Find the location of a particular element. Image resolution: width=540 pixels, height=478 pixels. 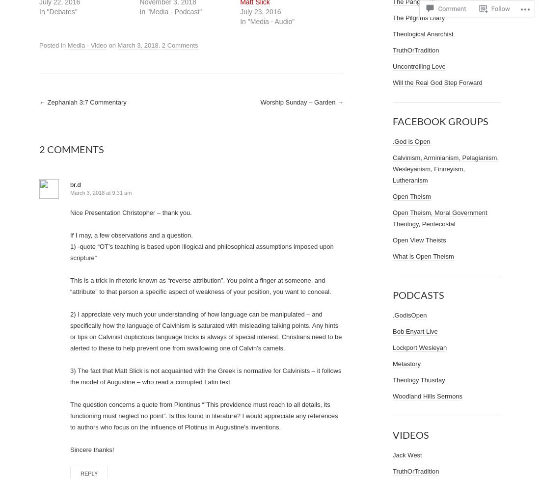

'Bob Enyart Live' is located at coordinates (393, 331).